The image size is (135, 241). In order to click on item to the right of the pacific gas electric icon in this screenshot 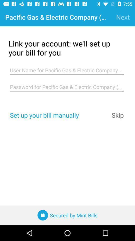, I will do `click(122, 17)`.